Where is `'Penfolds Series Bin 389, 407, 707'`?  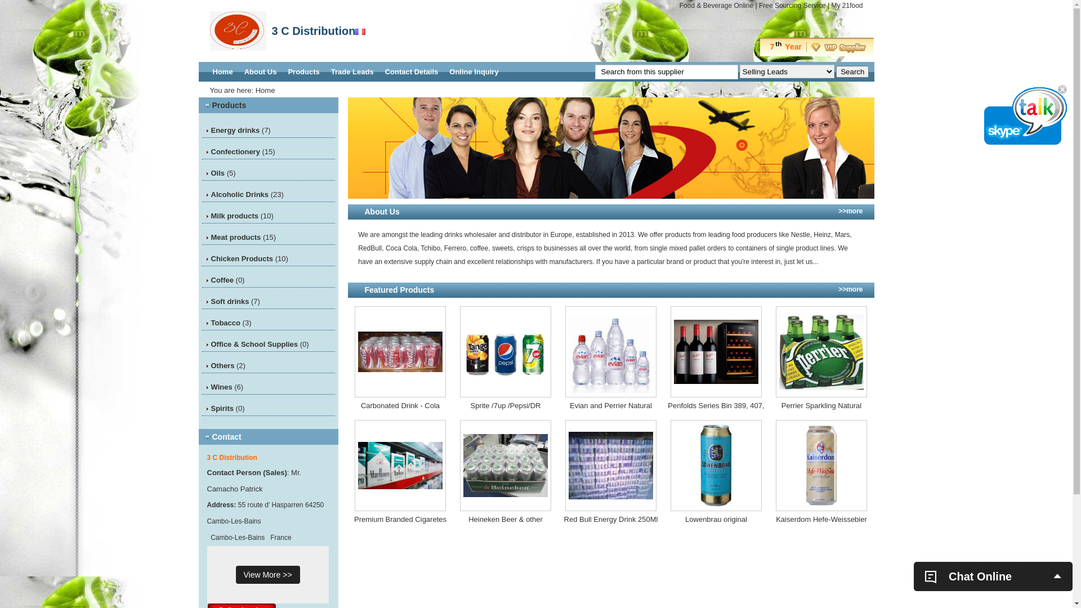 'Penfolds Series Bin 389, 407, 707' is located at coordinates (716, 406).